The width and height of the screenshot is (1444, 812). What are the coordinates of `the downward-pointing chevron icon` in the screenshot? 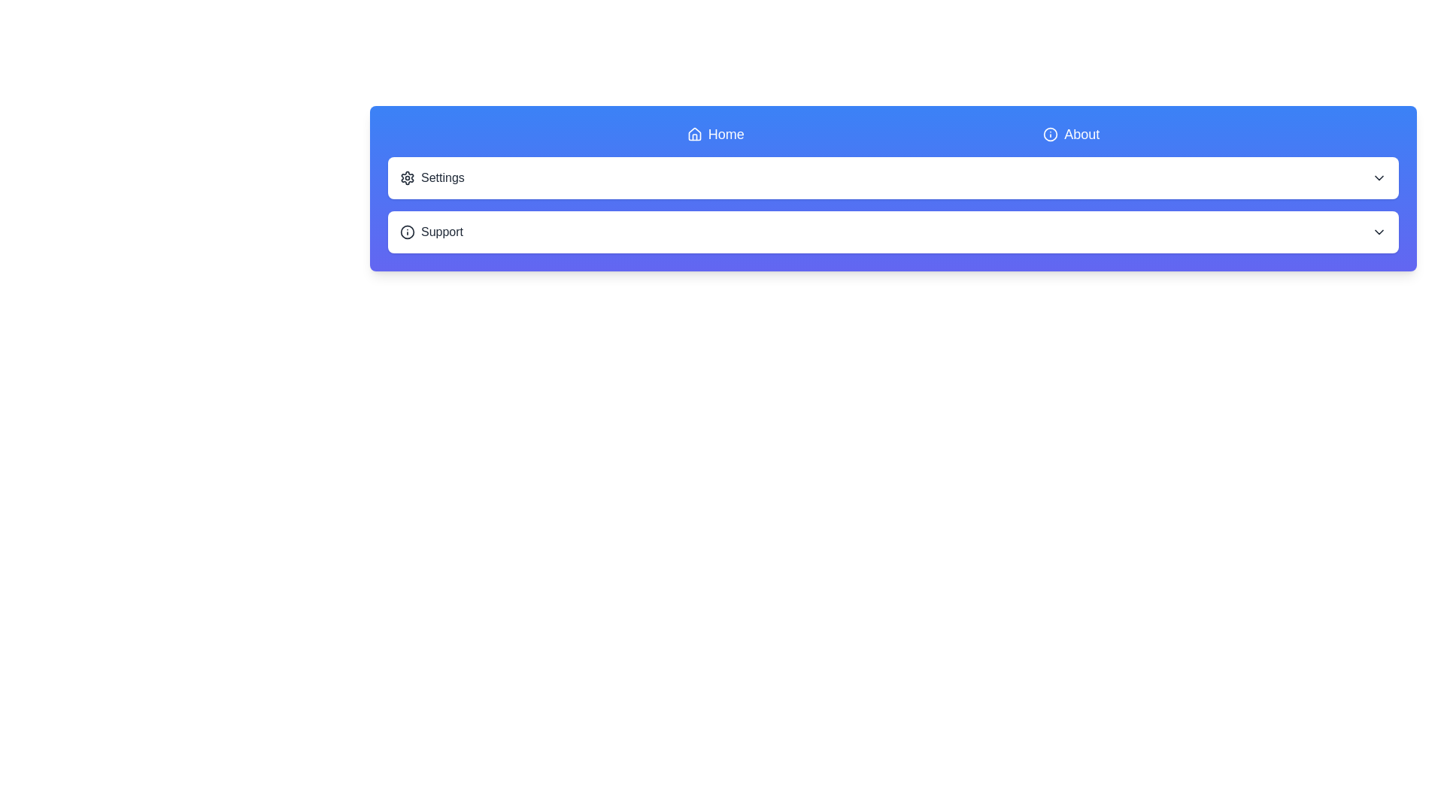 It's located at (1379, 232).